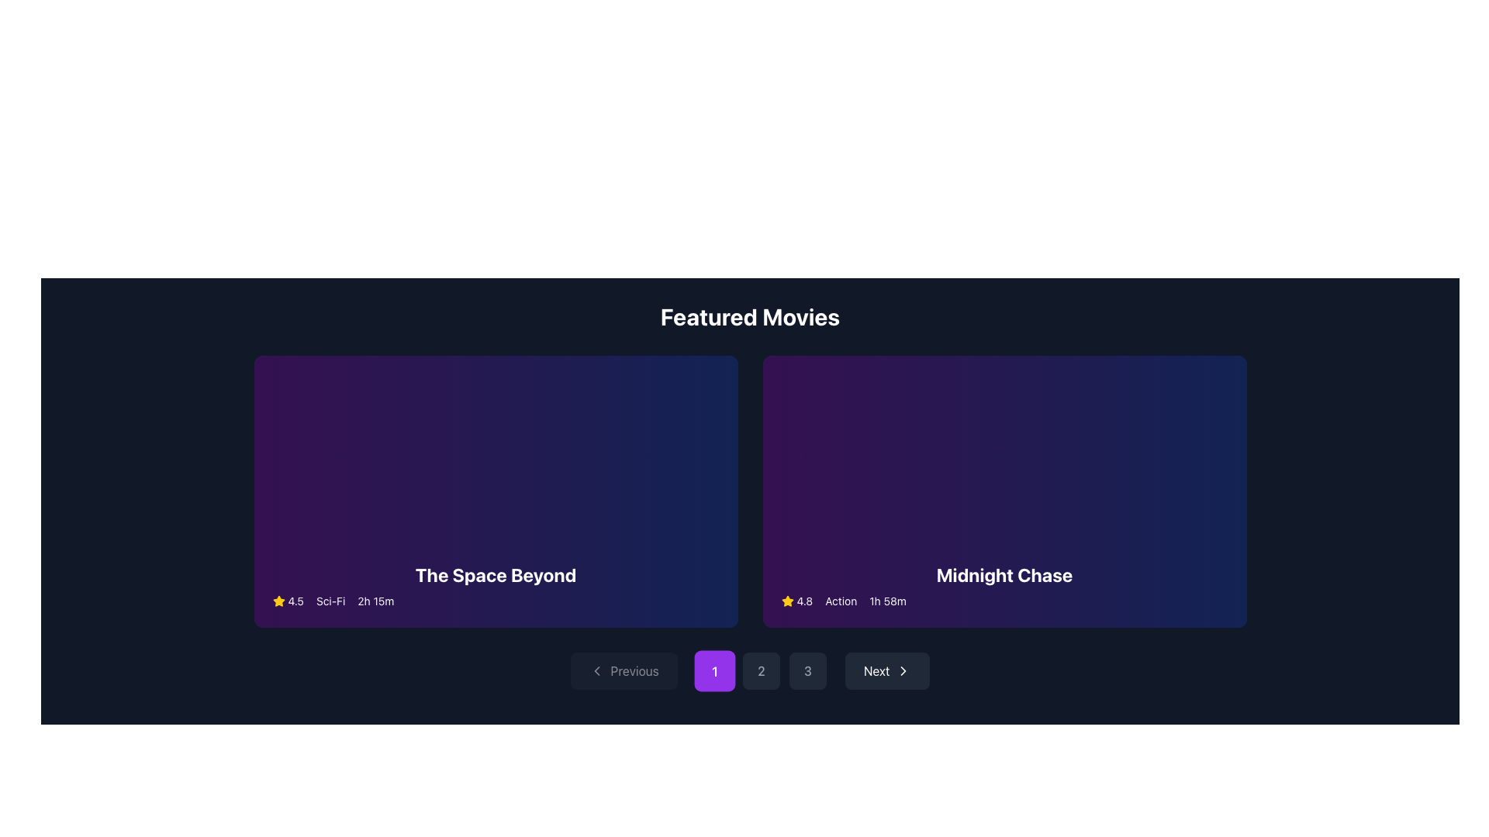 This screenshot has height=837, width=1489. I want to click on the icon within the 'Next' button located at the bottom center of the interface, so click(903, 670).